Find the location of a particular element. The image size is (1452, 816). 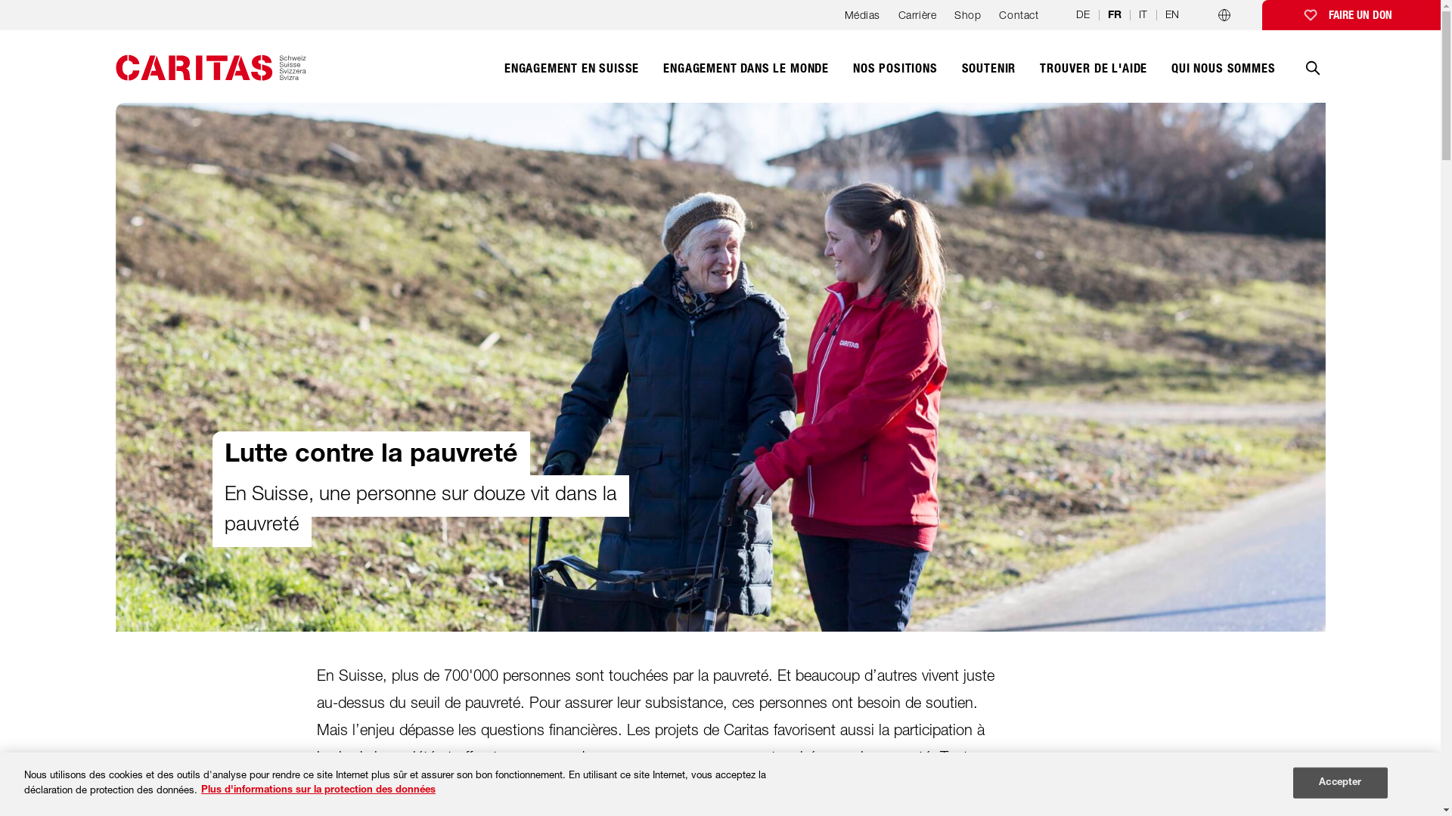

'QUI NOUS SOMMES' is located at coordinates (1223, 76).